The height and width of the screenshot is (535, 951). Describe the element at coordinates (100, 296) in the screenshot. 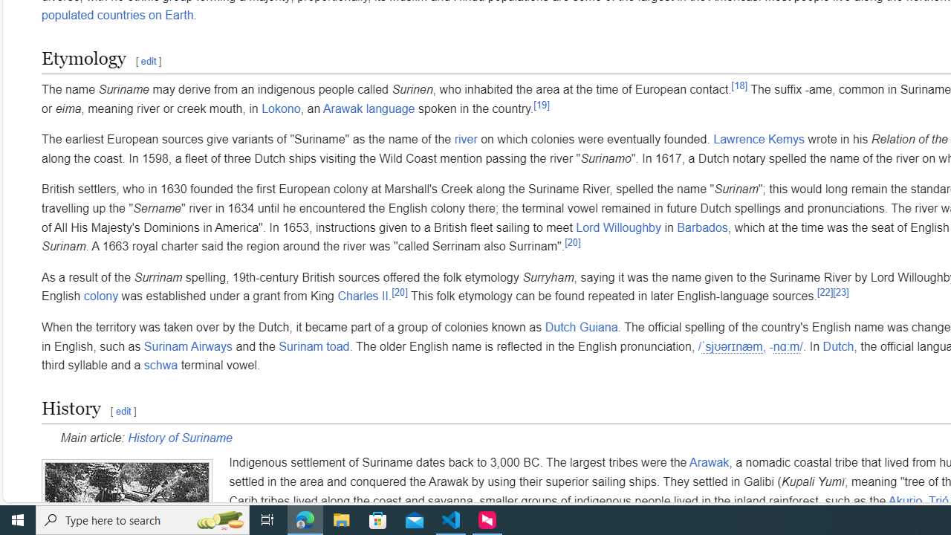

I see `'colony'` at that location.